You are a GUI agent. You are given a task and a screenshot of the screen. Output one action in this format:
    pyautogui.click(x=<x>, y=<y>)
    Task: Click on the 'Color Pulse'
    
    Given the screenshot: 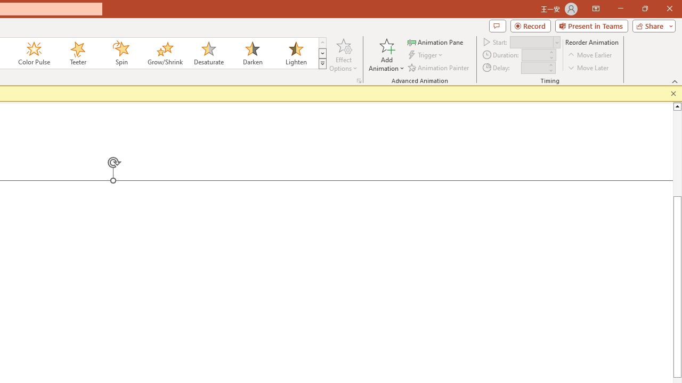 What is the action you would take?
    pyautogui.click(x=34, y=53)
    